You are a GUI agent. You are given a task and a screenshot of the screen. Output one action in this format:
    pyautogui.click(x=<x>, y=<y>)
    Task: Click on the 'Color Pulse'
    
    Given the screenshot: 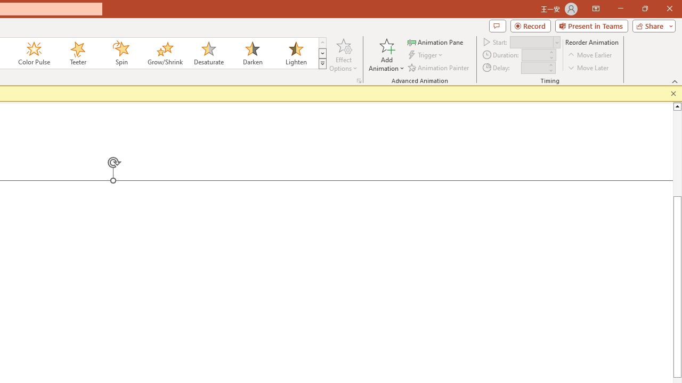 What is the action you would take?
    pyautogui.click(x=34, y=53)
    